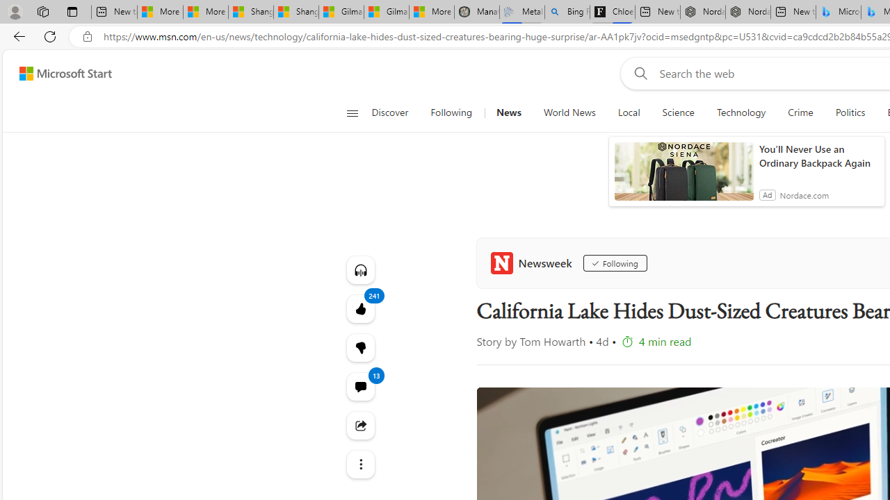  Describe the element at coordinates (567, 12) in the screenshot. I see `'Bing Real Estate - Home sales and rental listings'` at that location.